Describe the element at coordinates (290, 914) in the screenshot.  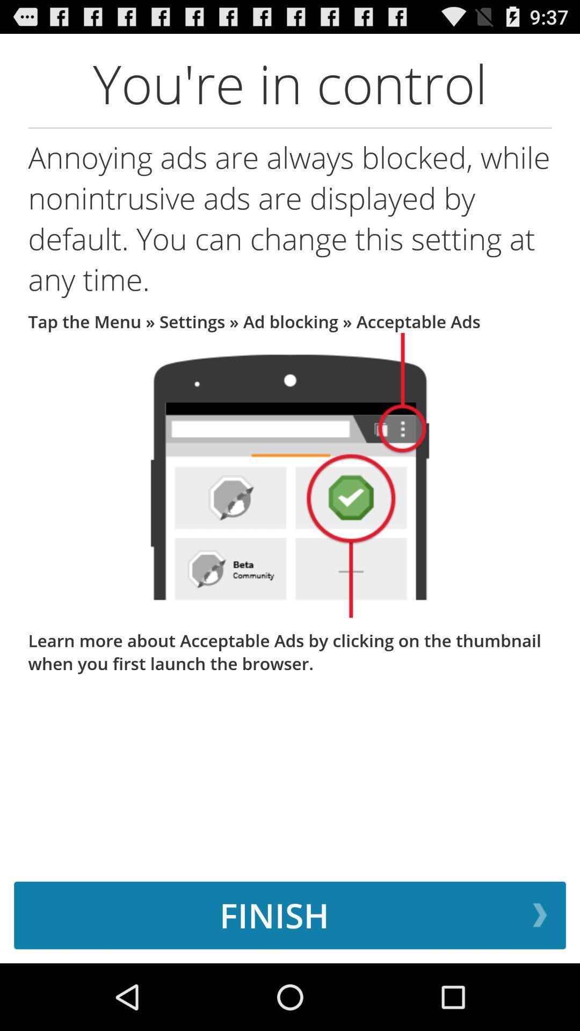
I see `finish item` at that location.